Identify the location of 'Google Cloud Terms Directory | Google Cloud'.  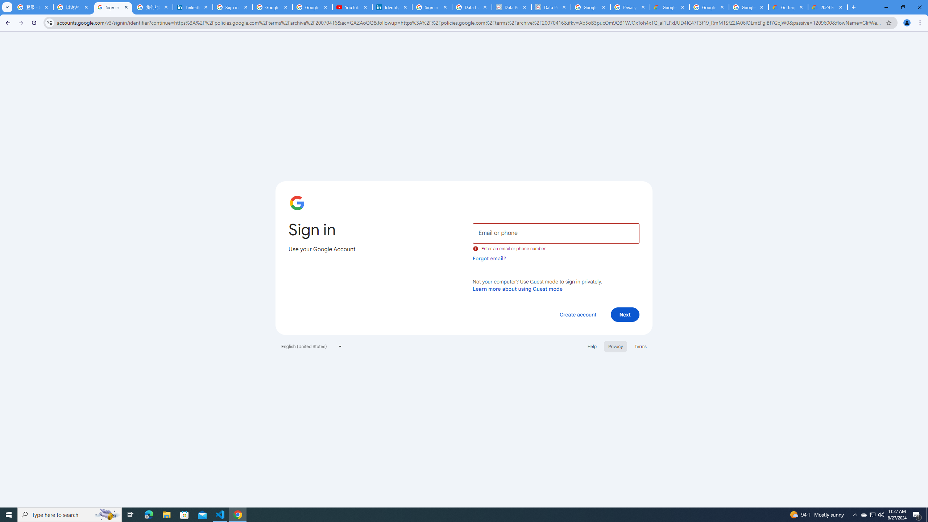
(669, 7).